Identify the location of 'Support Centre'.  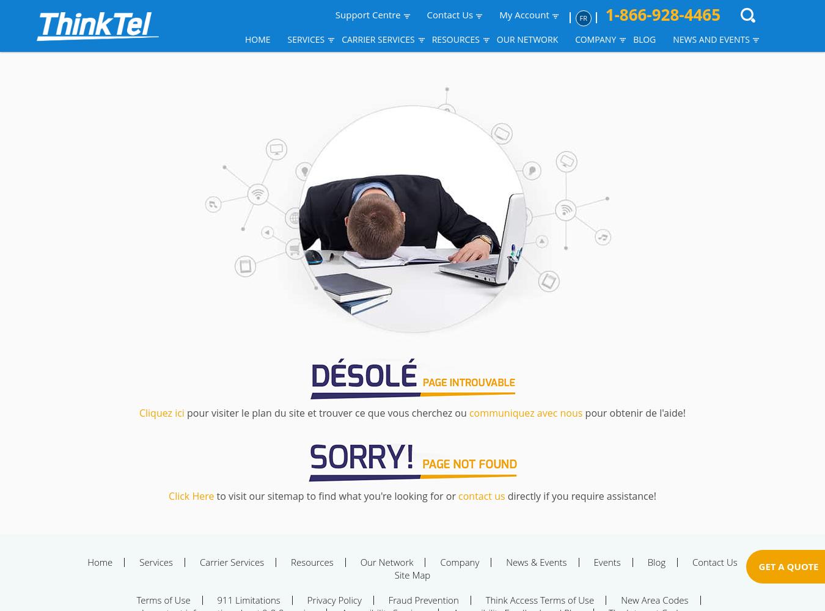
(367, 15).